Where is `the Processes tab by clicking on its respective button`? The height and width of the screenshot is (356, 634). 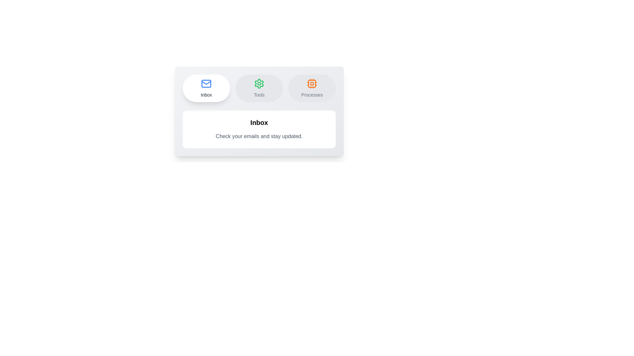
the Processes tab by clicking on its respective button is located at coordinates (312, 88).